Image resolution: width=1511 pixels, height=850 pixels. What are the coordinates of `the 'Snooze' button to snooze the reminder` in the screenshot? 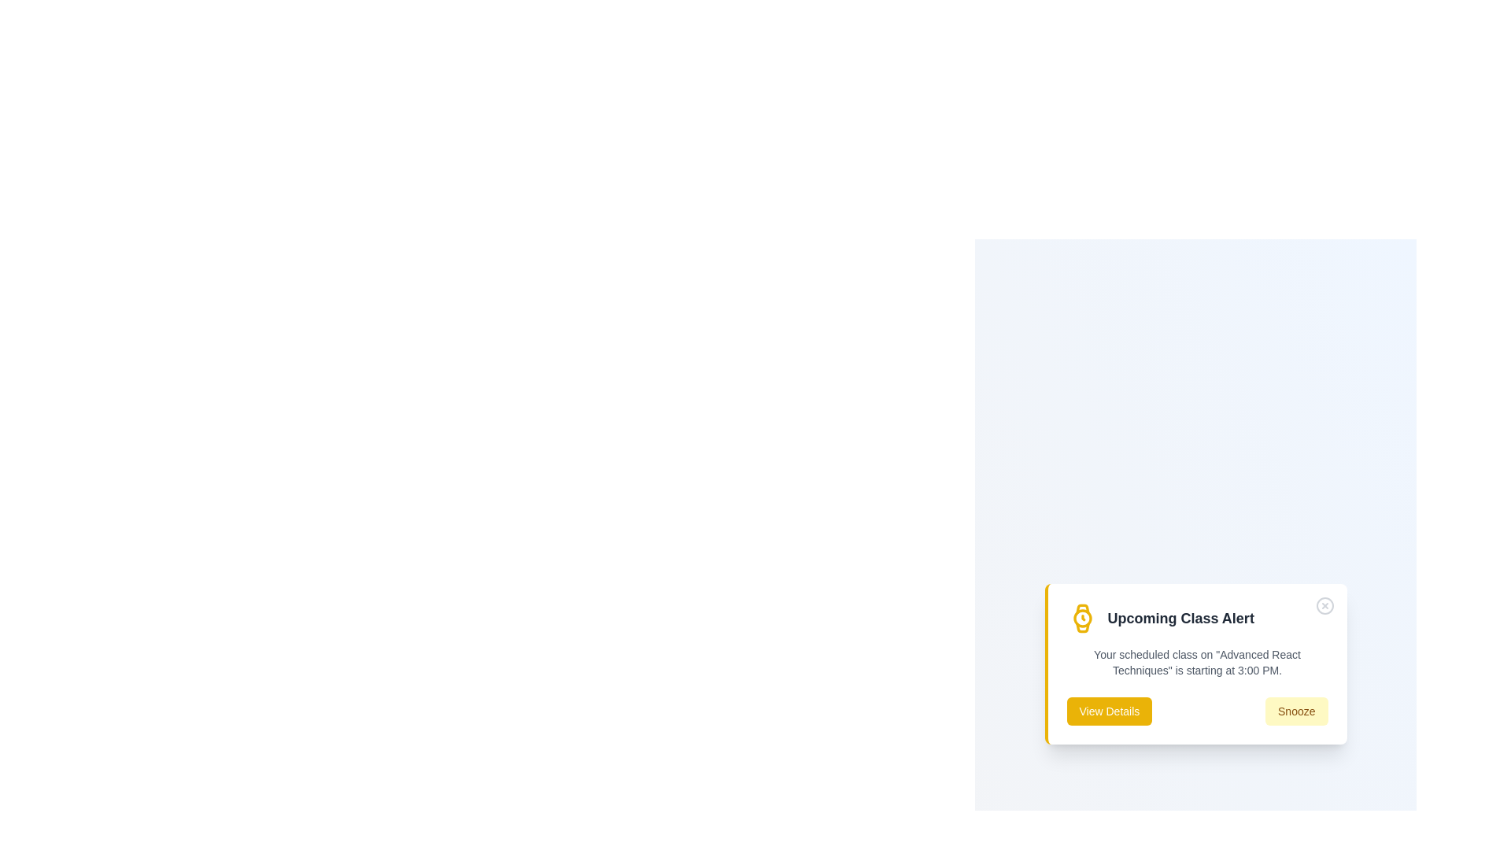 It's located at (1296, 711).